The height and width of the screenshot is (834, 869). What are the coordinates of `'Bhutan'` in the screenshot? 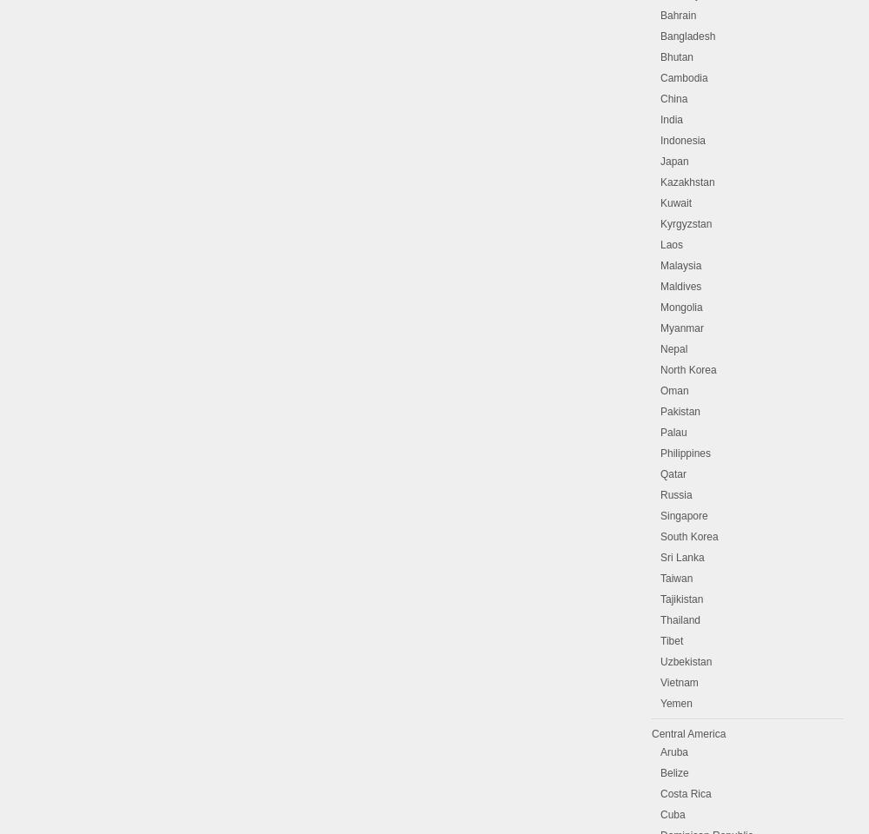 It's located at (677, 56).